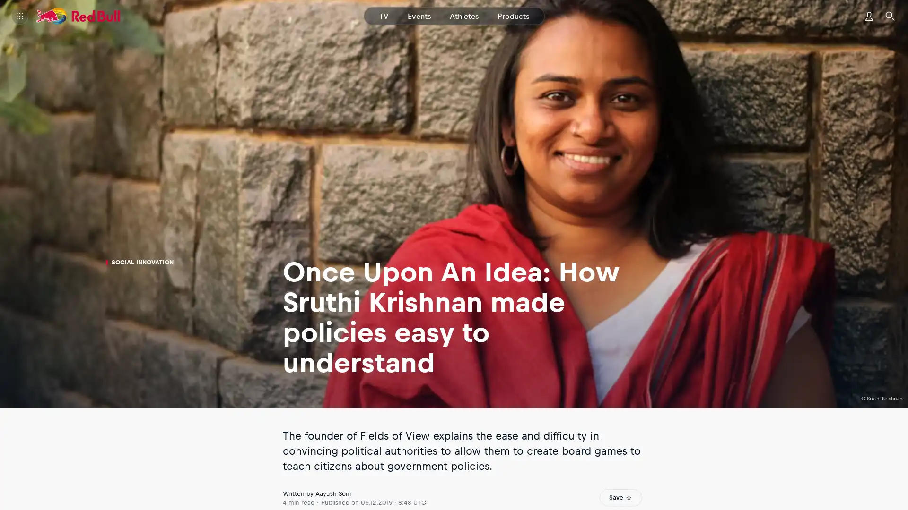 The height and width of the screenshot is (510, 908). Describe the element at coordinates (20, 16) in the screenshot. I see `Menu` at that location.